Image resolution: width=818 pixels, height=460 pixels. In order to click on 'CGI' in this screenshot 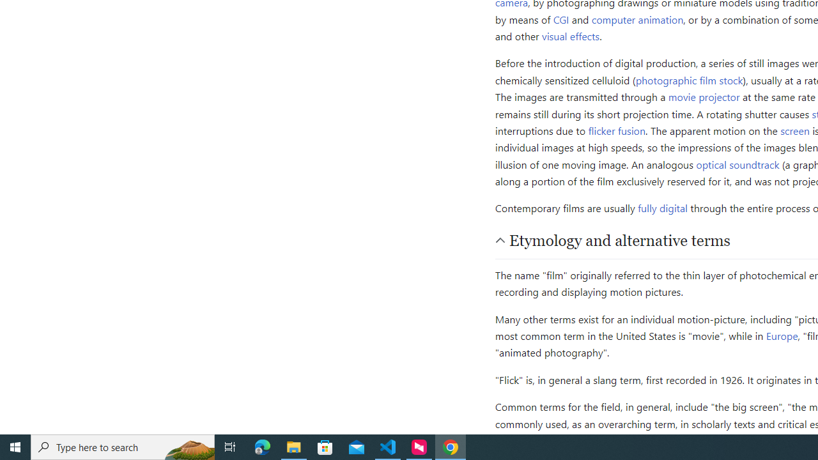, I will do `click(561, 19)`.